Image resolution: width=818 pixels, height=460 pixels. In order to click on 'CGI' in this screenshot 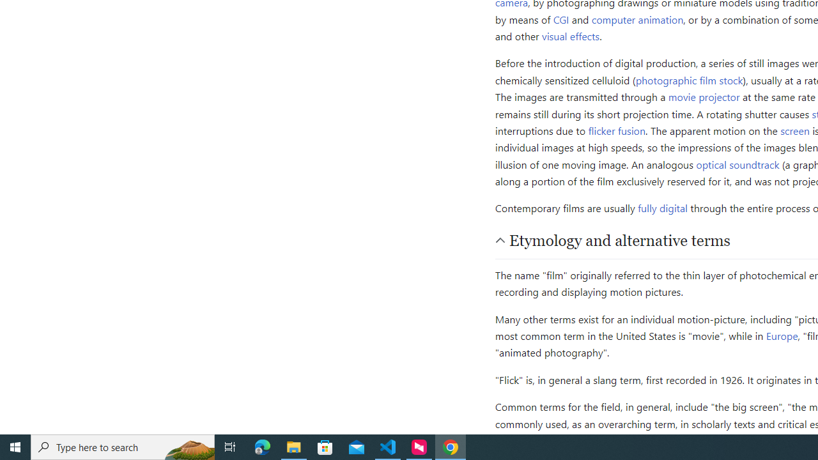, I will do `click(561, 19)`.